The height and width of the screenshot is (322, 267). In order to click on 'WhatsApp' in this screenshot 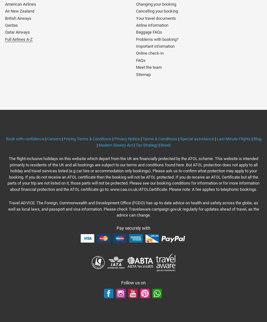, I will do `click(169, 291)`.